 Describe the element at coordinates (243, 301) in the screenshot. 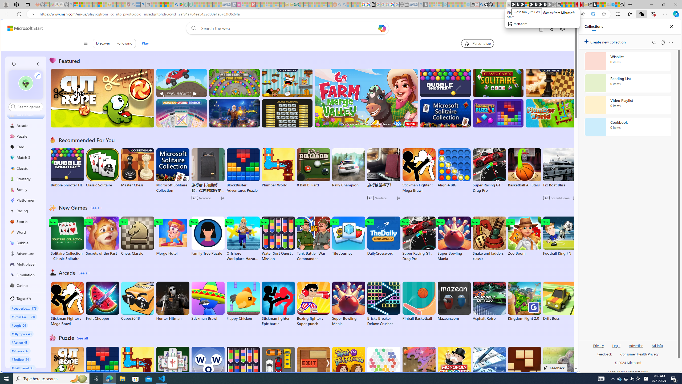

I see `'Flappy Chicken'` at that location.